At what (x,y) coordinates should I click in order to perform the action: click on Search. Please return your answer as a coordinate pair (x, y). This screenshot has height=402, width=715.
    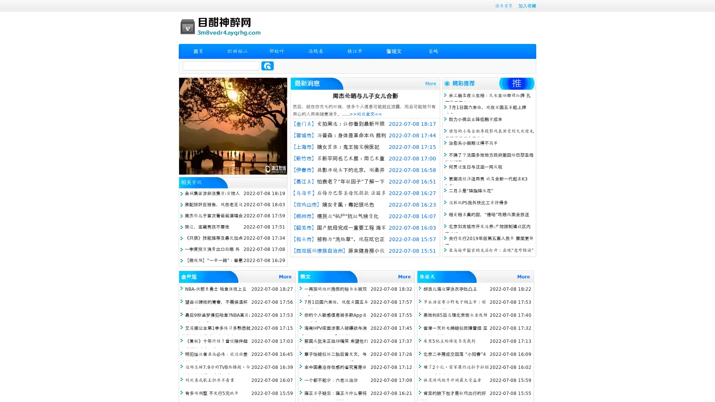
    Looking at the image, I should click on (267, 66).